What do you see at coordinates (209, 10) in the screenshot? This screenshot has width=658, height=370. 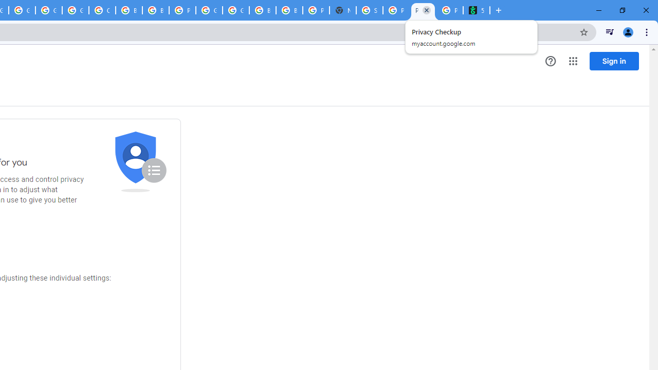 I see `'Google Cloud Platform'` at bounding box center [209, 10].